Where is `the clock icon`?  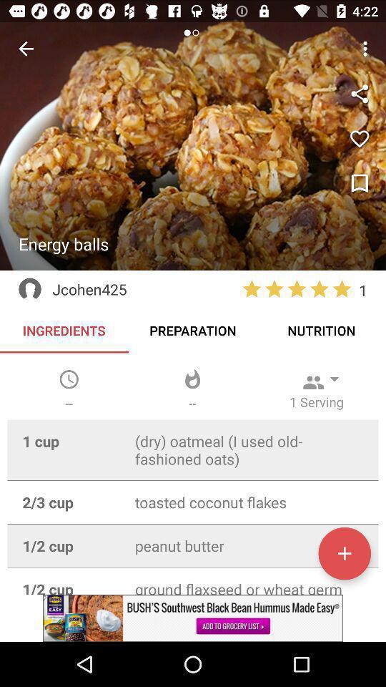 the clock icon is located at coordinates (68, 379).